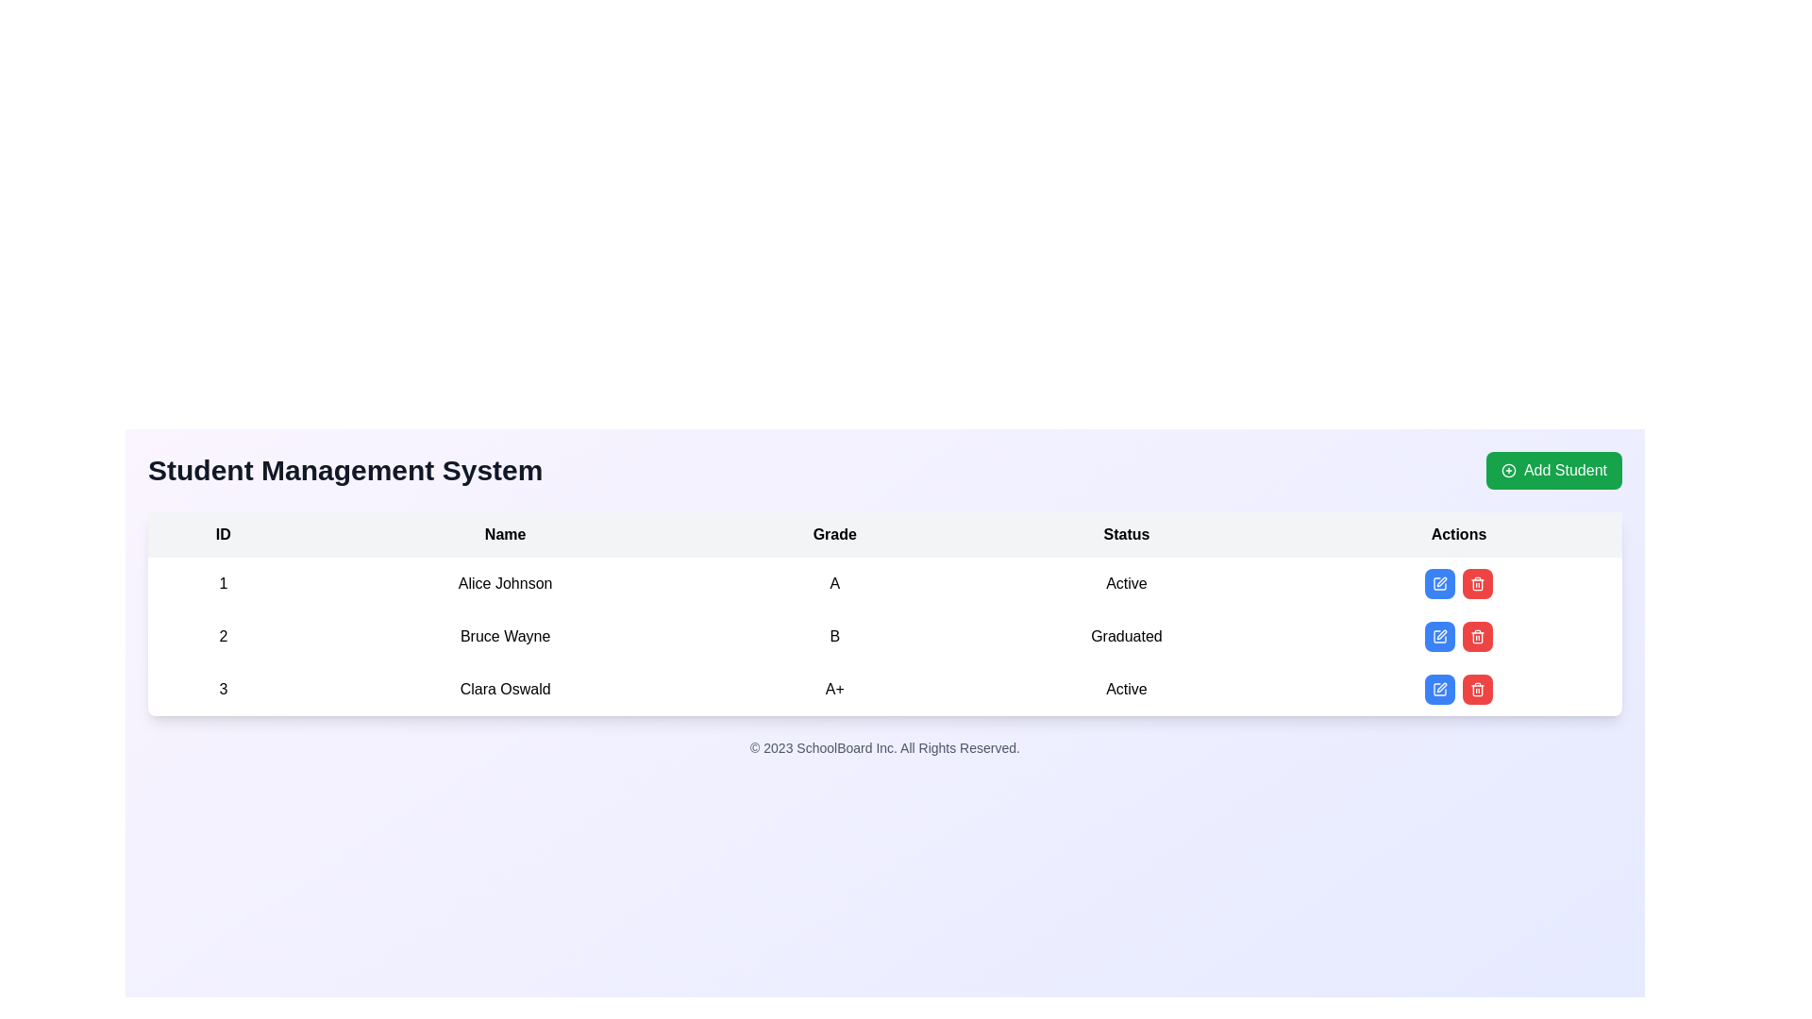  I want to click on the trash can icon button with a red background in the 'Actions' column beside the 'Edit' button for the student record 'Clara Oswald', so click(1476, 690).